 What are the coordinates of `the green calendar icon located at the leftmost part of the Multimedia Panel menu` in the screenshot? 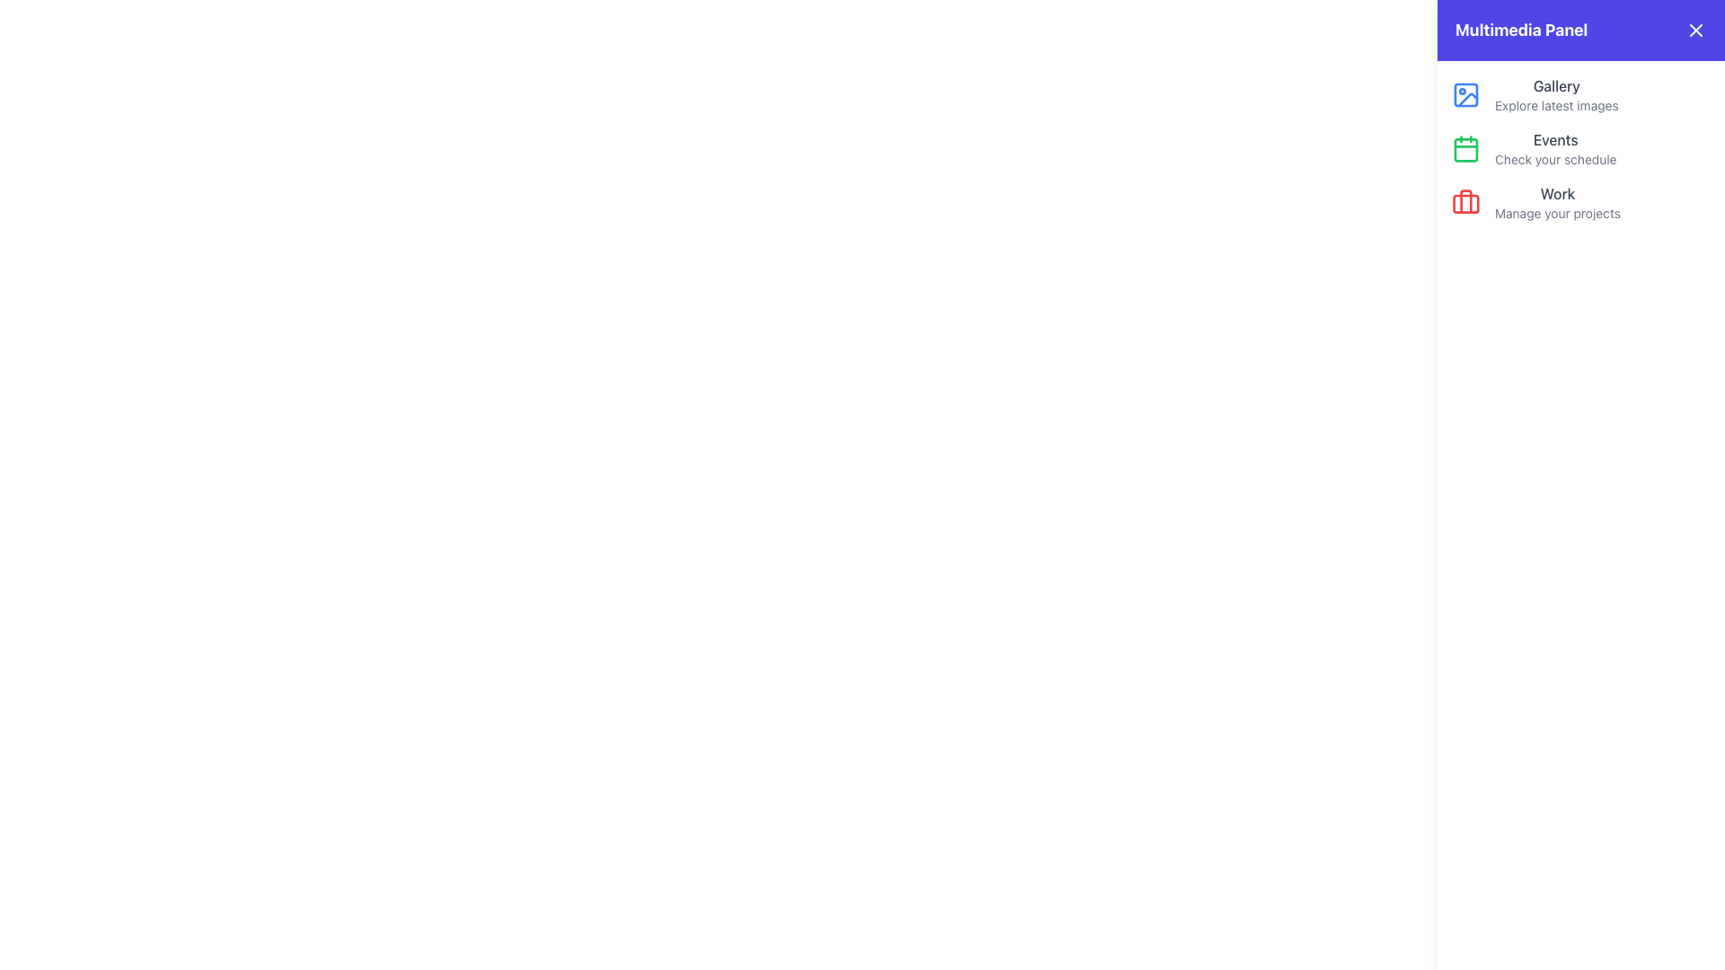 It's located at (1466, 147).